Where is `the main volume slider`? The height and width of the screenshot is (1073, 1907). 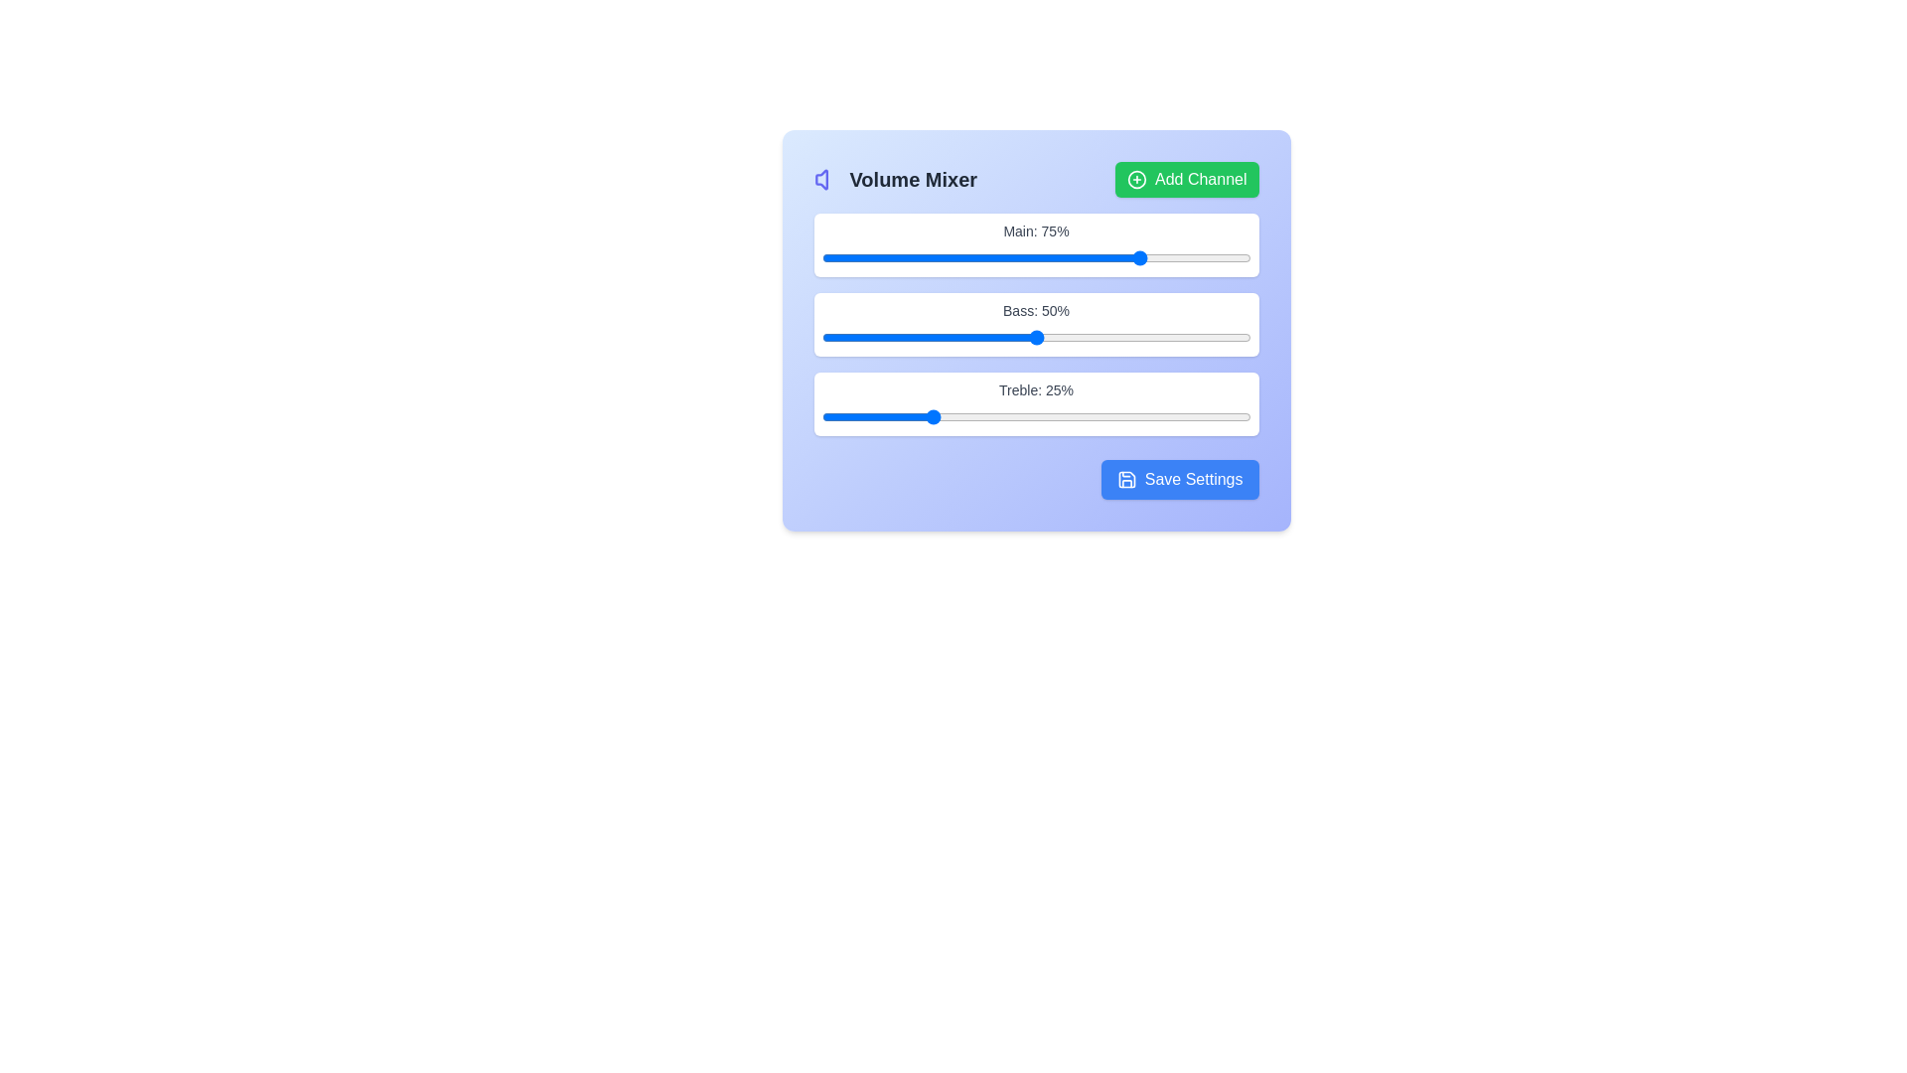 the main volume slider is located at coordinates (1215, 256).